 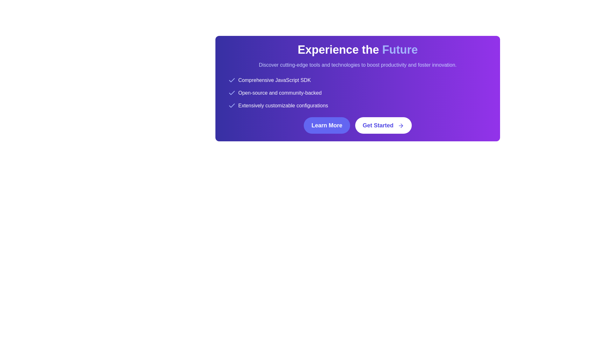 I want to click on the third text label in the features list, so click(x=283, y=105).